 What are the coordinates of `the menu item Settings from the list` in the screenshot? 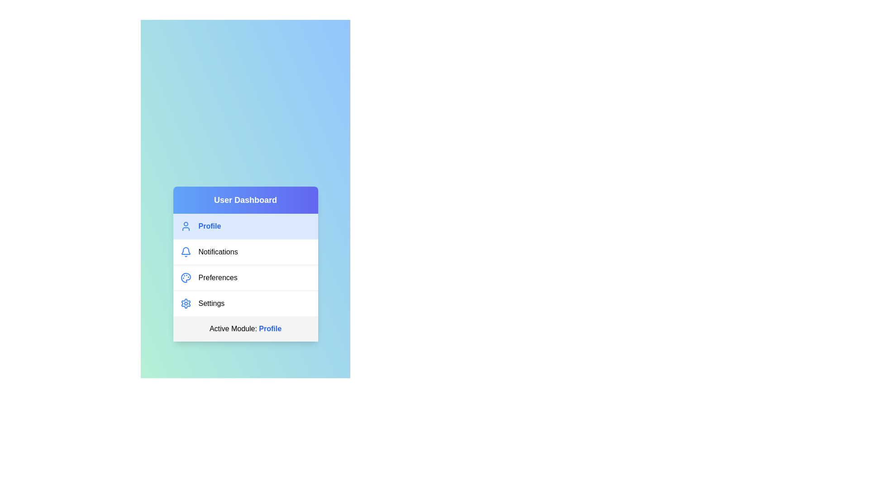 It's located at (245, 303).